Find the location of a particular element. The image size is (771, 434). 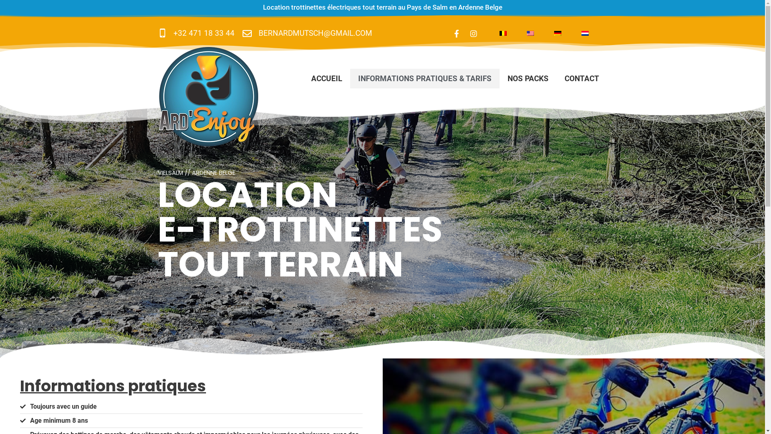

'CONTACT' is located at coordinates (582, 78).